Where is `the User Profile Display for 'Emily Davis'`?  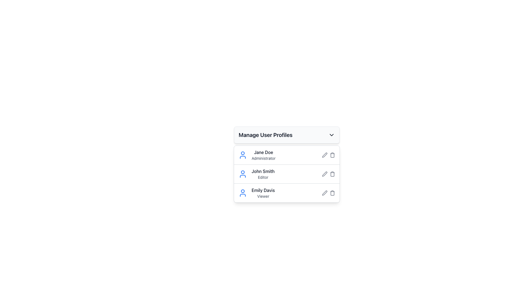
the User Profile Display for 'Emily Davis' is located at coordinates (286, 193).